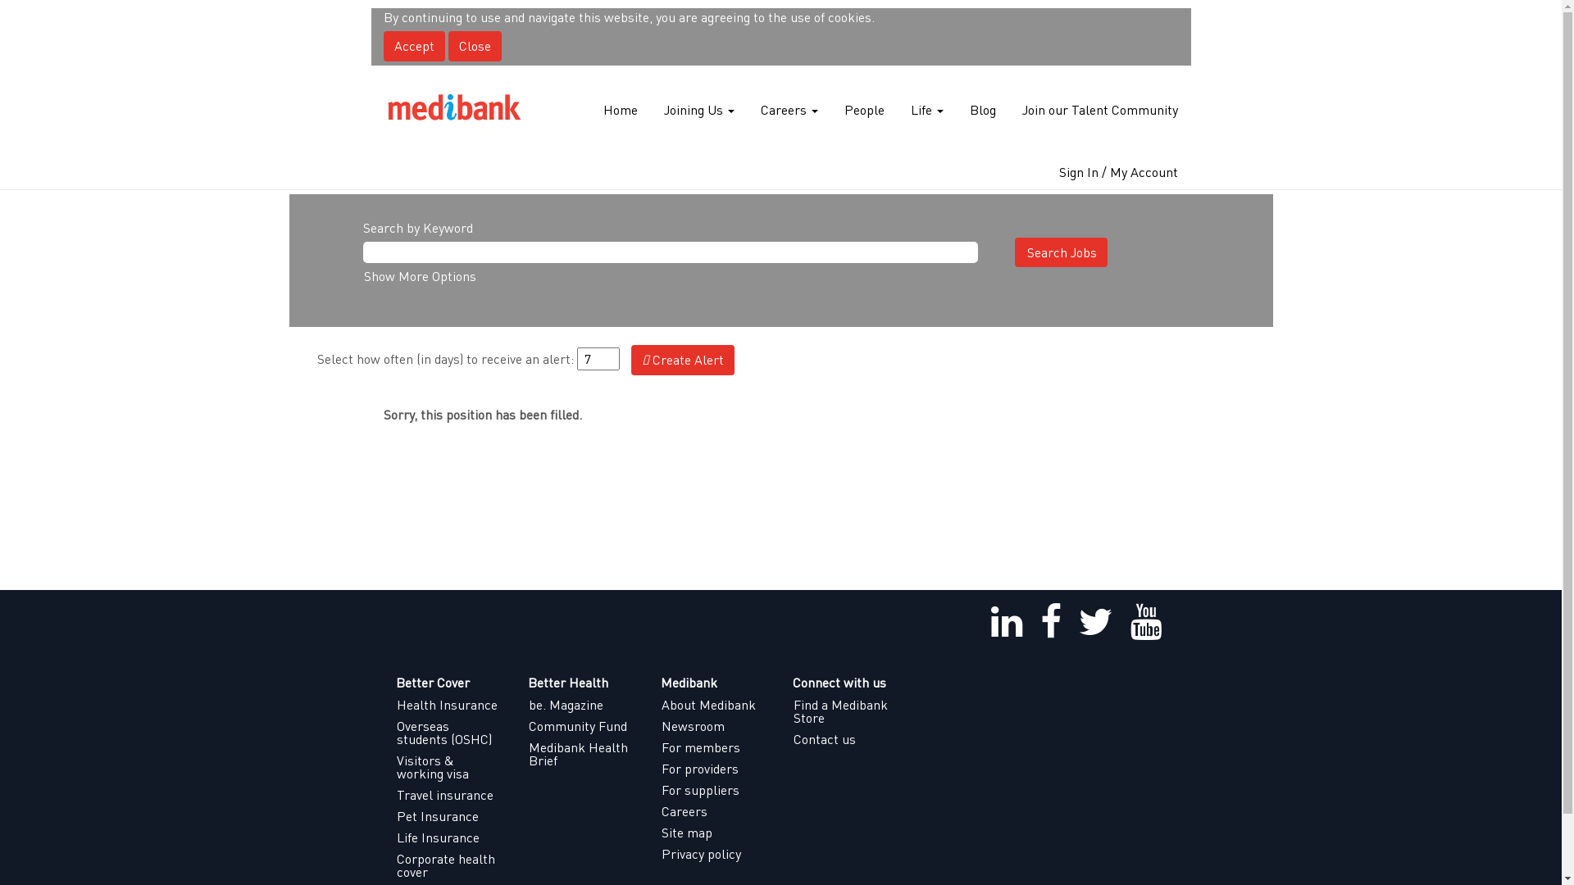 This screenshot has width=1574, height=885. I want to click on 'youtube', so click(1128, 622).